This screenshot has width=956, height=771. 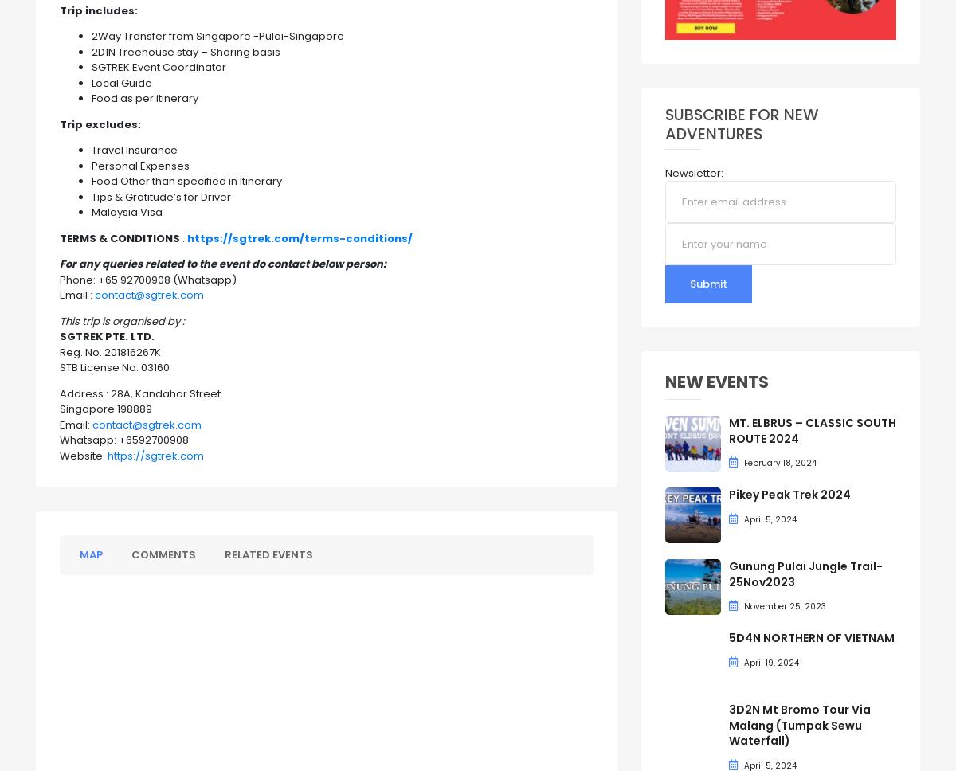 What do you see at coordinates (741, 123) in the screenshot?
I see `'Subscribe For New Adventures'` at bounding box center [741, 123].